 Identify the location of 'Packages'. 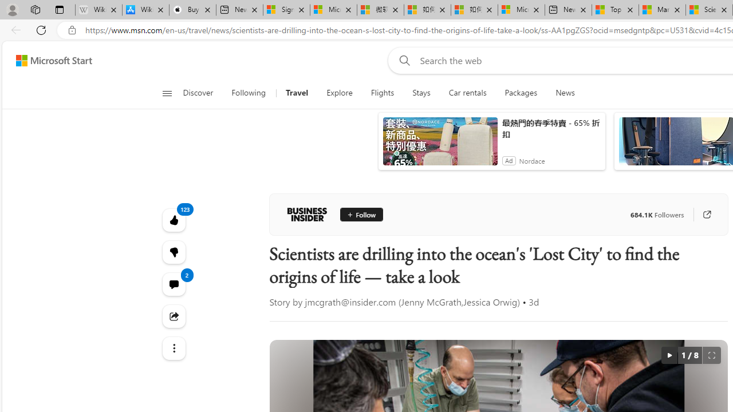
(521, 93).